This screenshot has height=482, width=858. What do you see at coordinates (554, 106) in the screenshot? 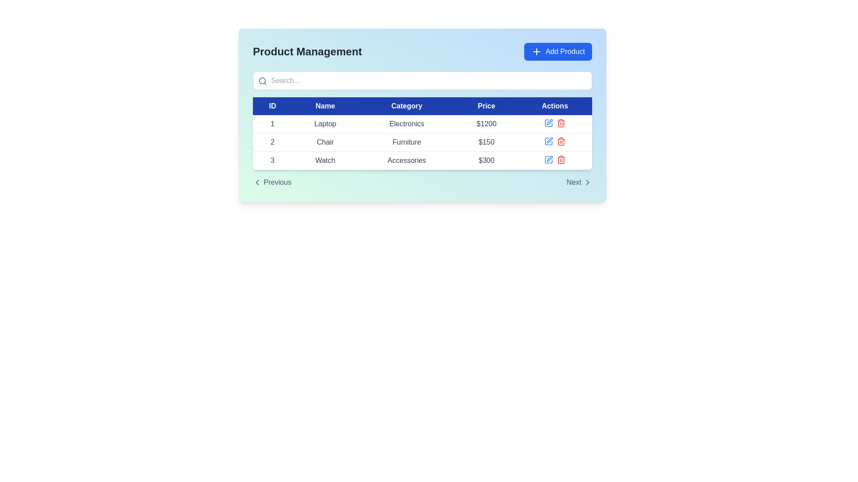
I see `the text label displaying 'Actions', which is the last item in the header row of a table, styled with a dark blue background and white text` at bounding box center [554, 106].